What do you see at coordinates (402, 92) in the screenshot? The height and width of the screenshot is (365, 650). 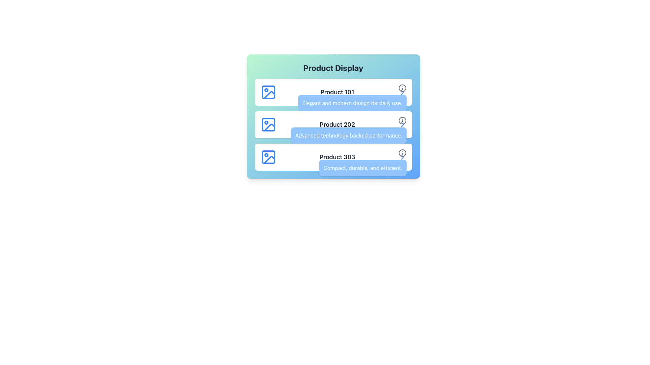 I see `the Chevron Icon located in the first row of the list adjacent to 'Product 101'` at bounding box center [402, 92].